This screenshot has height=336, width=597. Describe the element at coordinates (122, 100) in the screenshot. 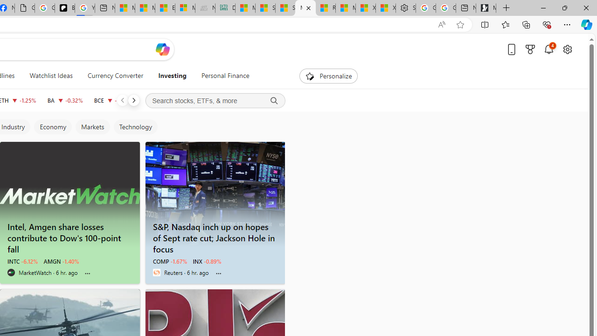

I see `'Previous'` at that location.